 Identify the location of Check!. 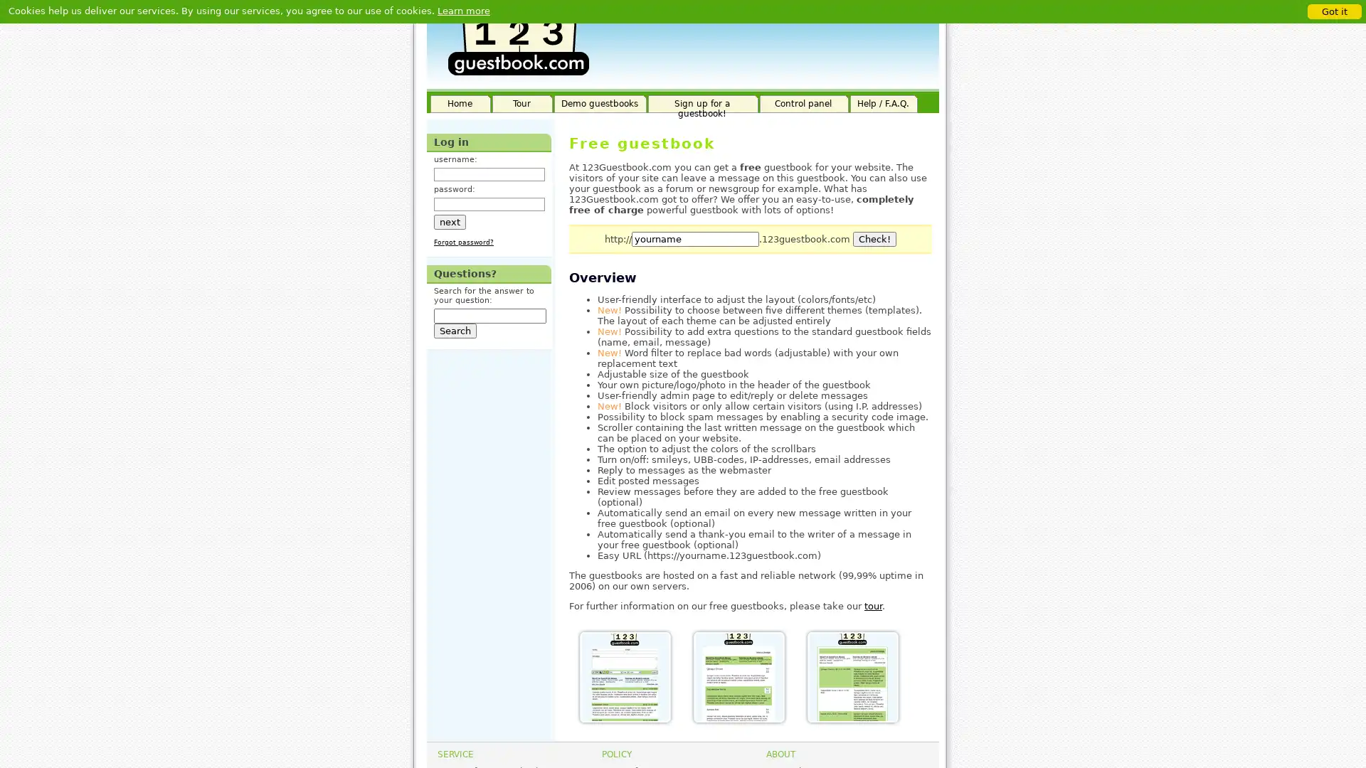
(874, 238).